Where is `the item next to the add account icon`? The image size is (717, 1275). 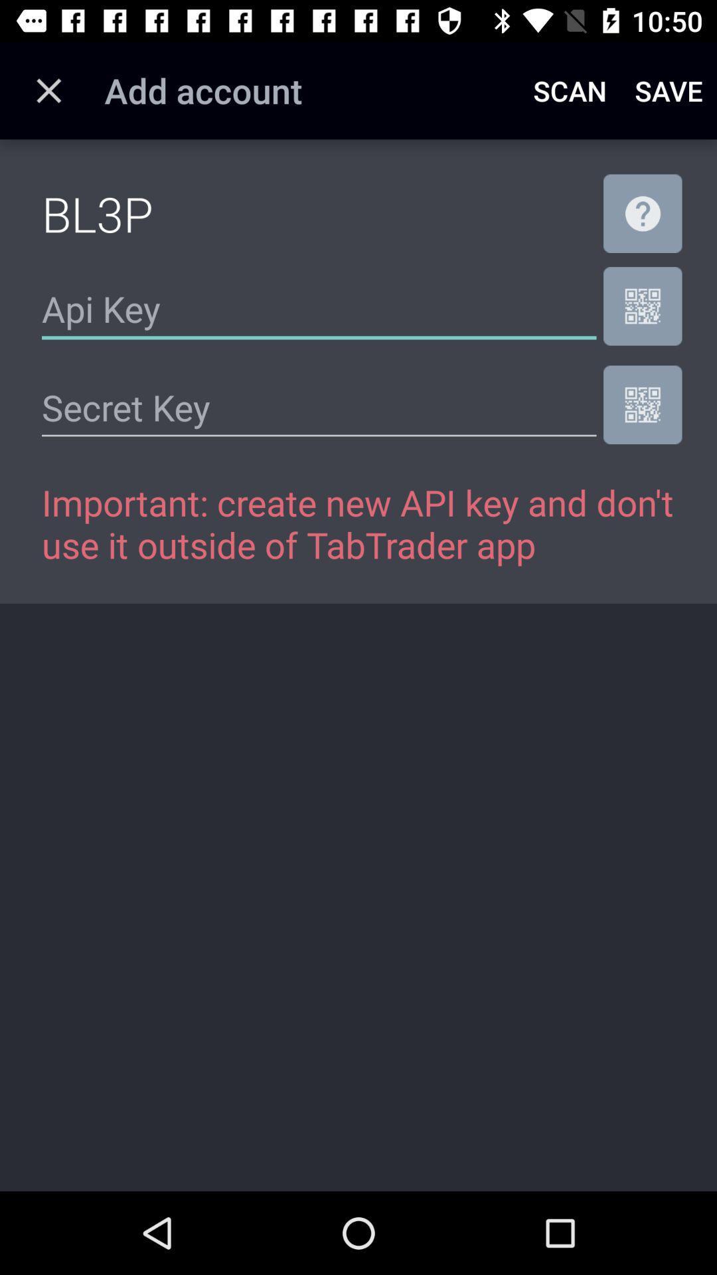 the item next to the add account icon is located at coordinates (48, 90).